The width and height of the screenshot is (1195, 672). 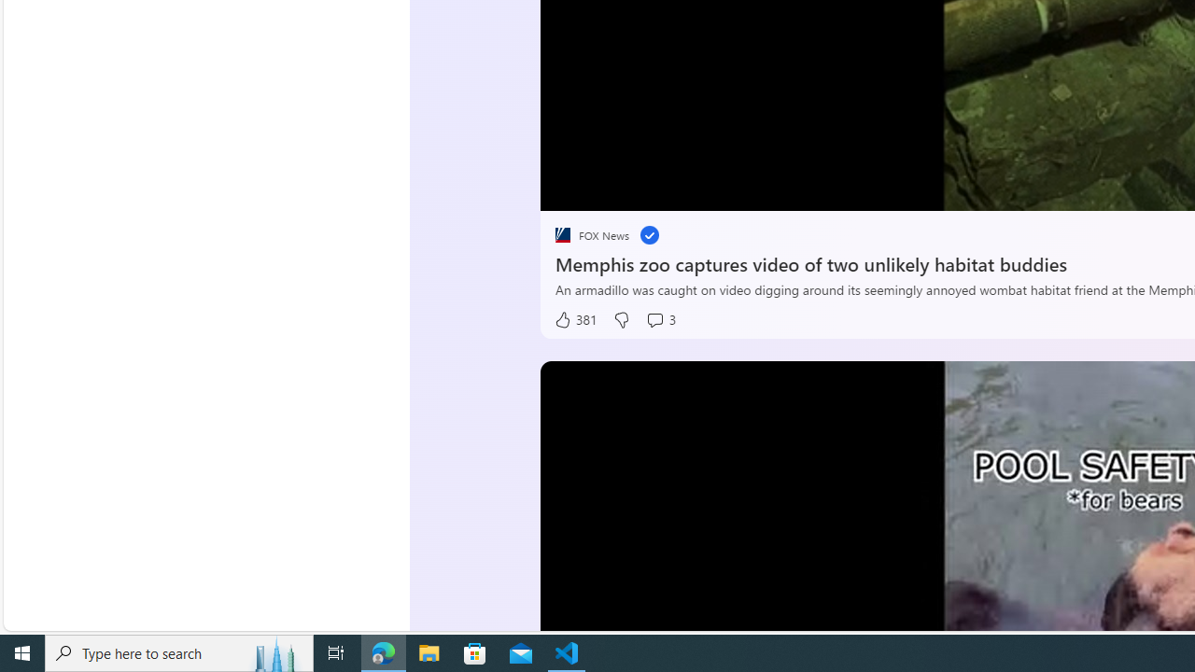 What do you see at coordinates (660, 319) in the screenshot?
I see `'View comments 3 Comment'` at bounding box center [660, 319].